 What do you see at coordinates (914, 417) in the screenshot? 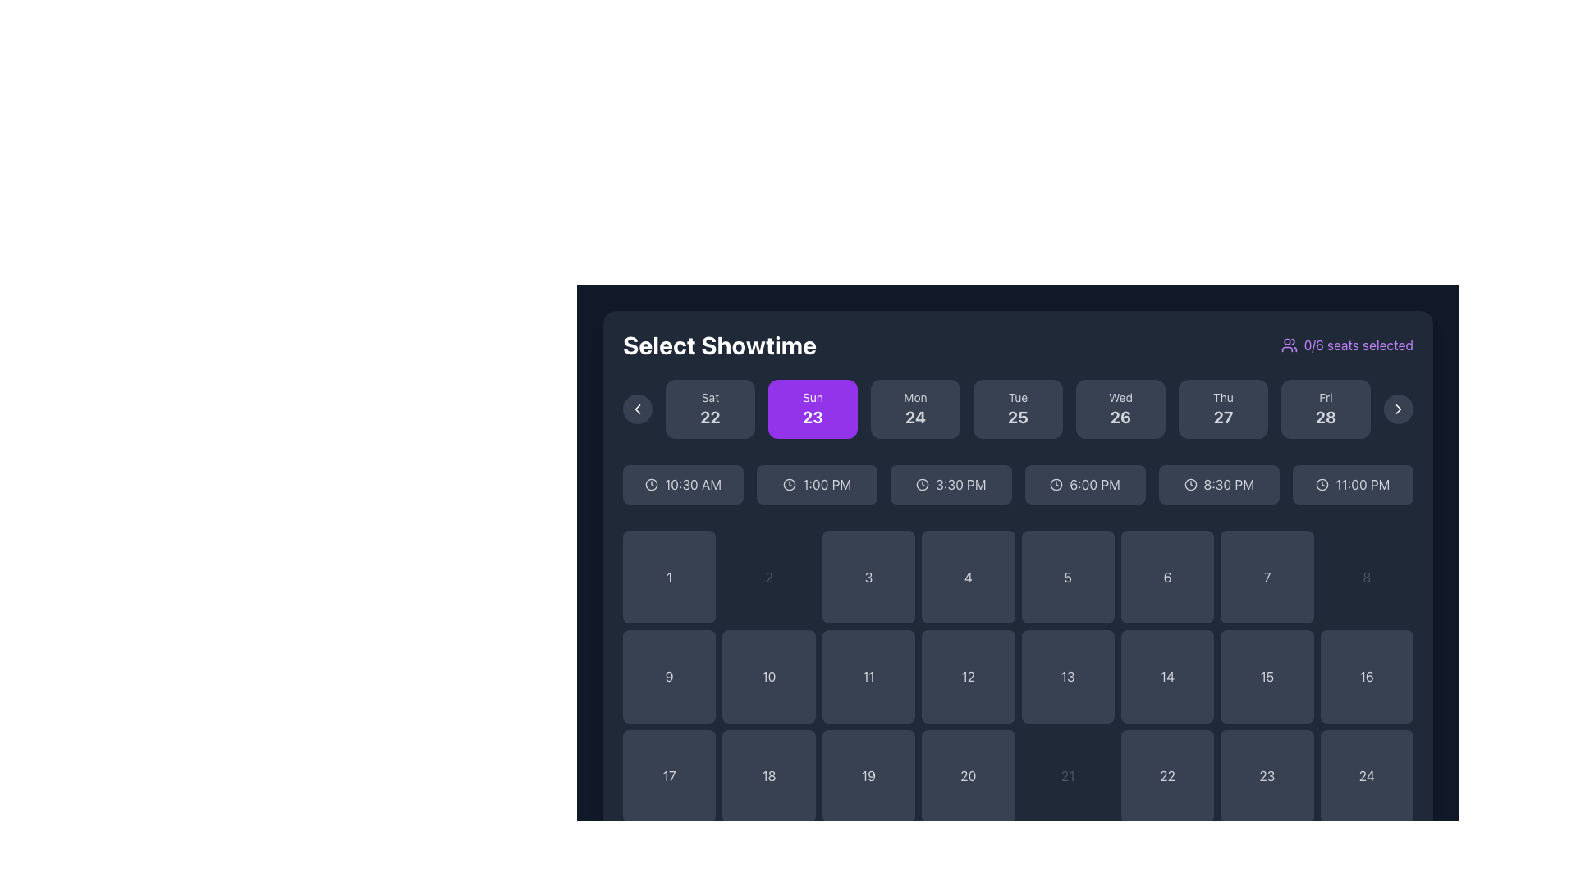
I see `the text label displaying the numeric date '24' in the day selection interface for scheduling purposes` at bounding box center [914, 417].